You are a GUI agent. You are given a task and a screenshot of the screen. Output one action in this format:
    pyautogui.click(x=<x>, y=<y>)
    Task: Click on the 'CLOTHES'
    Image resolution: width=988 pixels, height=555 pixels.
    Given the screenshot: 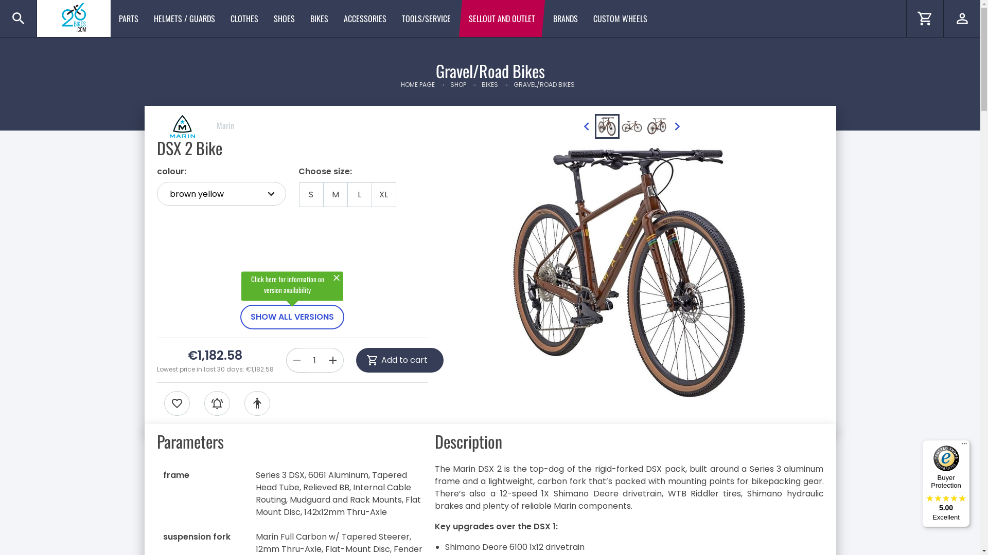 What is the action you would take?
    pyautogui.click(x=244, y=18)
    